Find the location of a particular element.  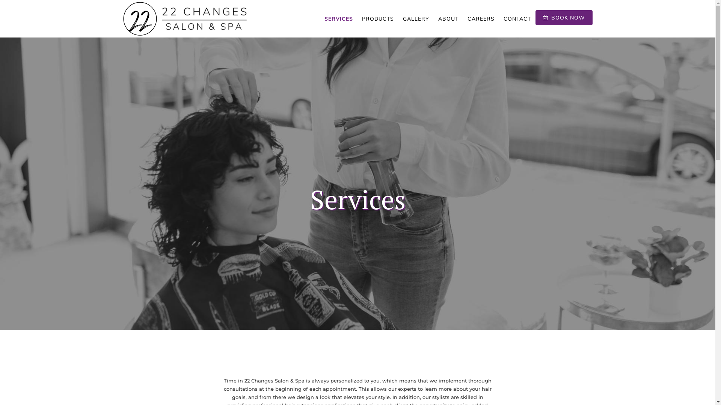

'ABOUT' is located at coordinates (448, 18).